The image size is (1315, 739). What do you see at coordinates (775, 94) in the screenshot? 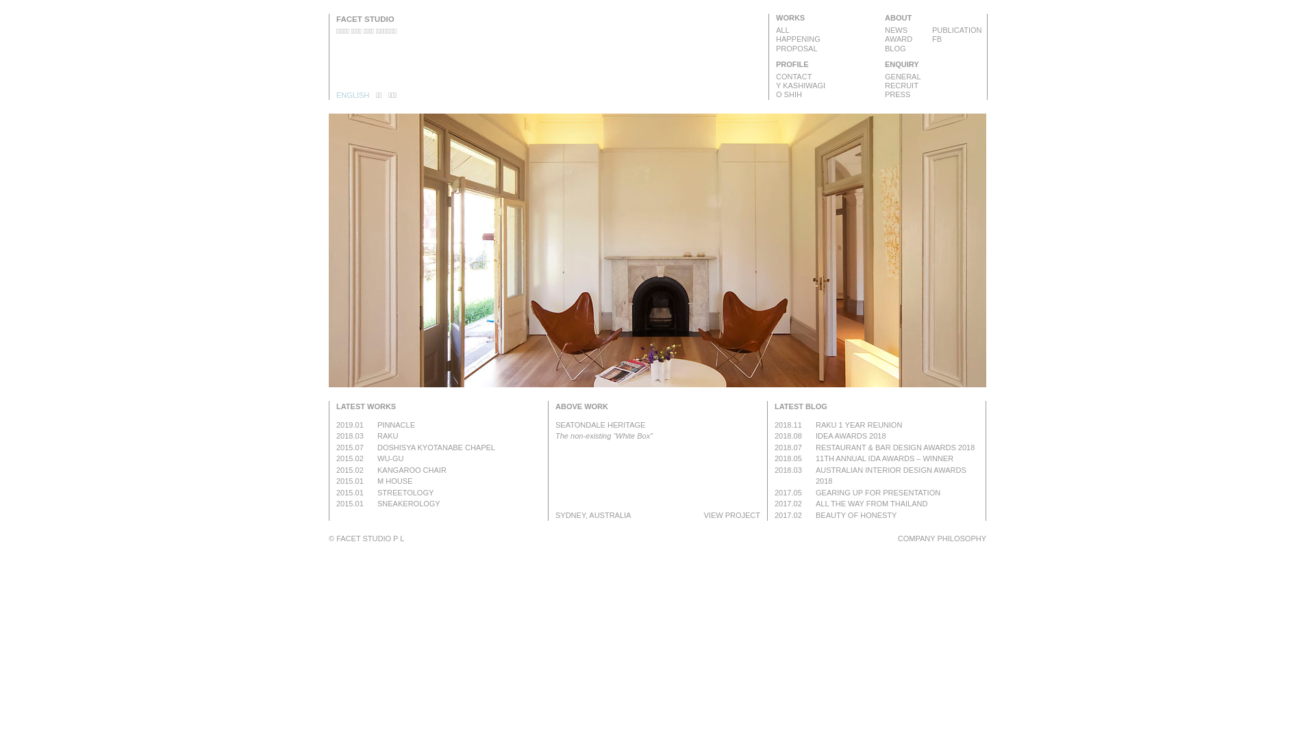
I see `'O SHIH'` at bounding box center [775, 94].